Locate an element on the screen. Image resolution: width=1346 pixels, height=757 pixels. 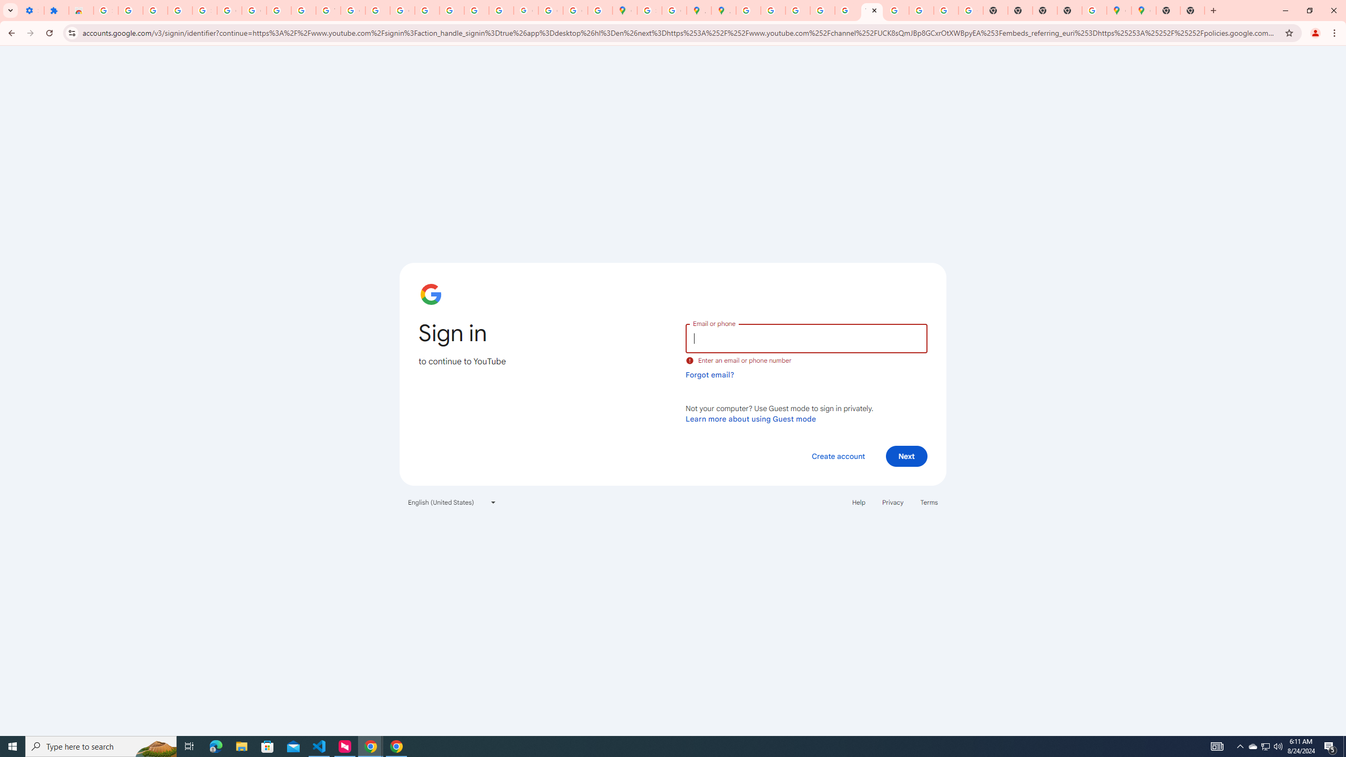
'Use Google Maps in Space - Google Maps Help' is located at coordinates (1094, 10).